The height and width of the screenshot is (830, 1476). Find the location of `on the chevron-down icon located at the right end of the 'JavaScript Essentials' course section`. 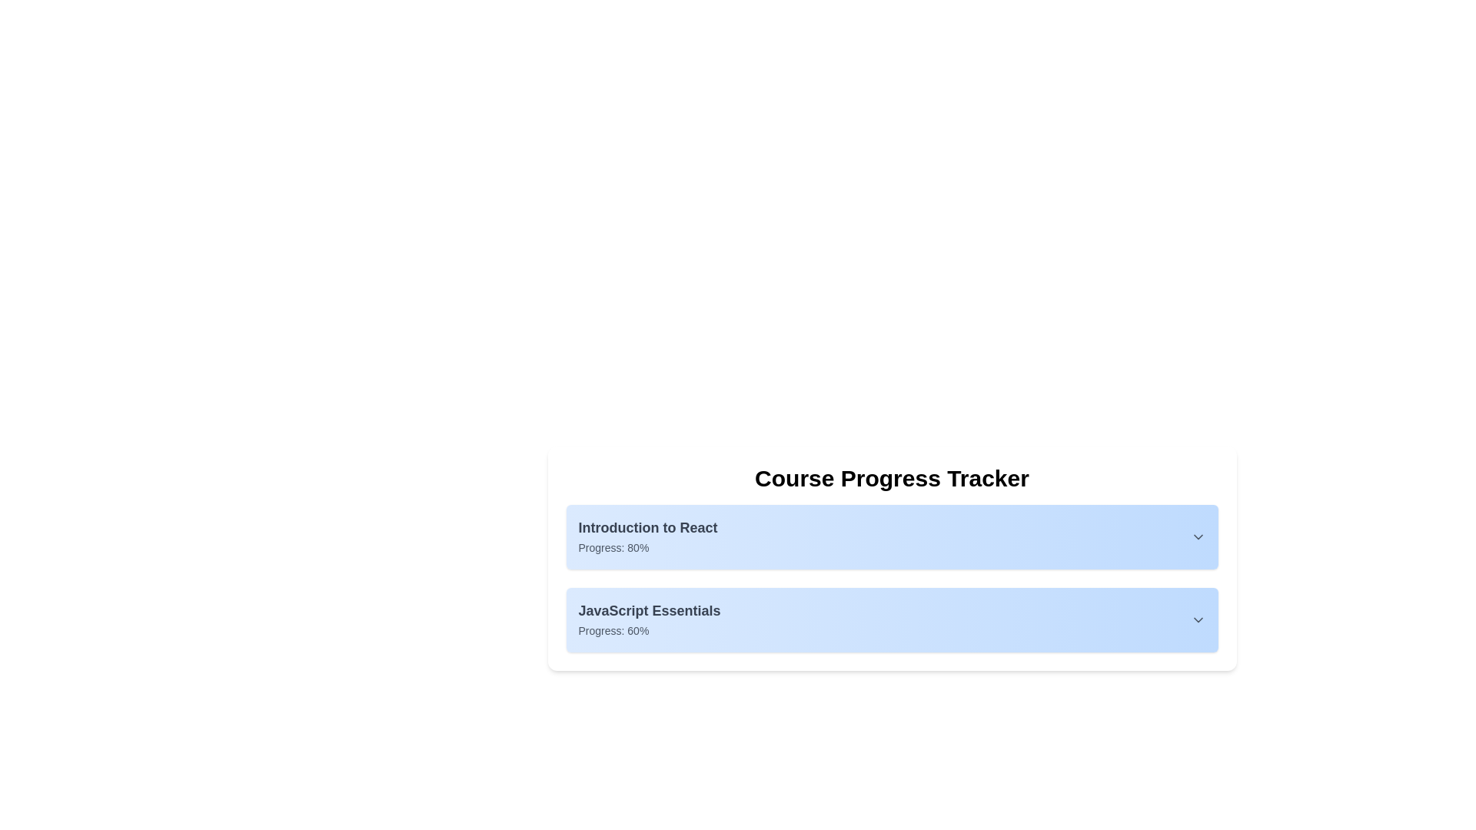

on the chevron-down icon located at the right end of the 'JavaScript Essentials' course section is located at coordinates (1197, 619).